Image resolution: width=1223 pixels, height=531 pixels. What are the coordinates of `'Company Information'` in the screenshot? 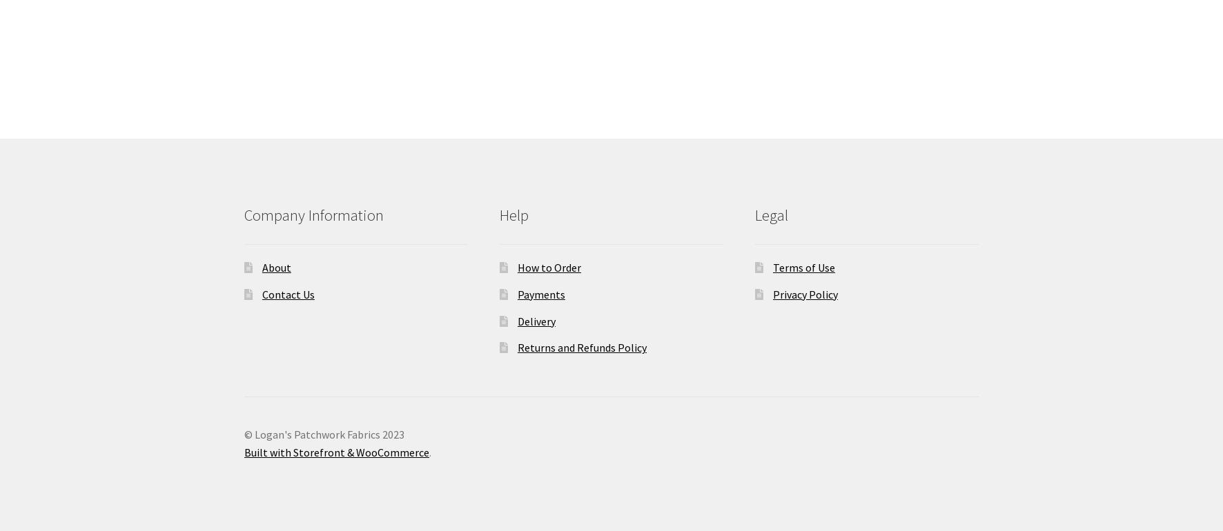 It's located at (244, 214).